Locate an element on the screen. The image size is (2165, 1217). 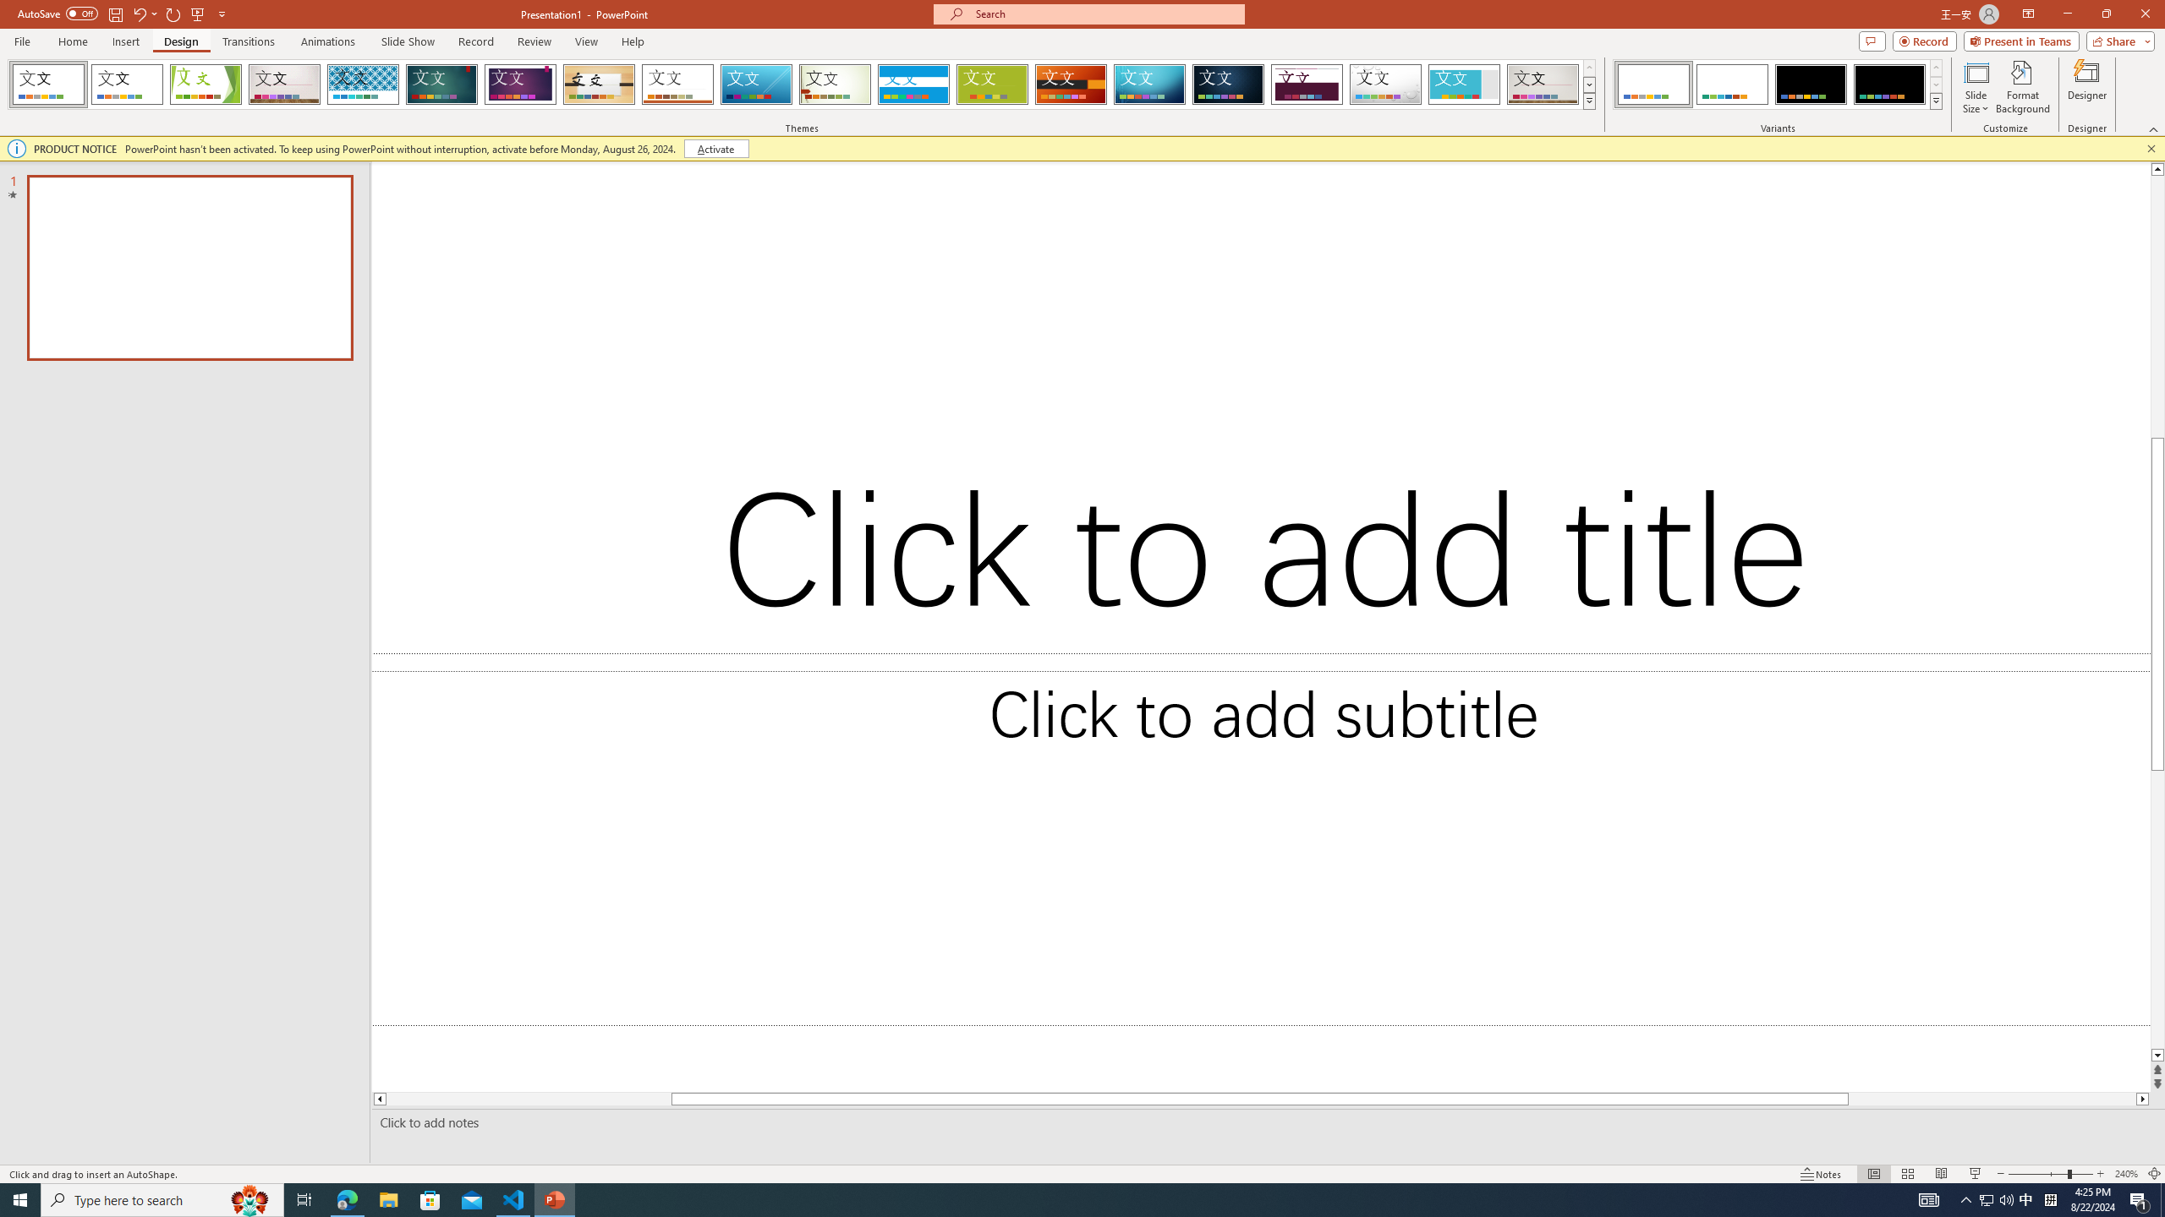
'Activate' is located at coordinates (716, 149).